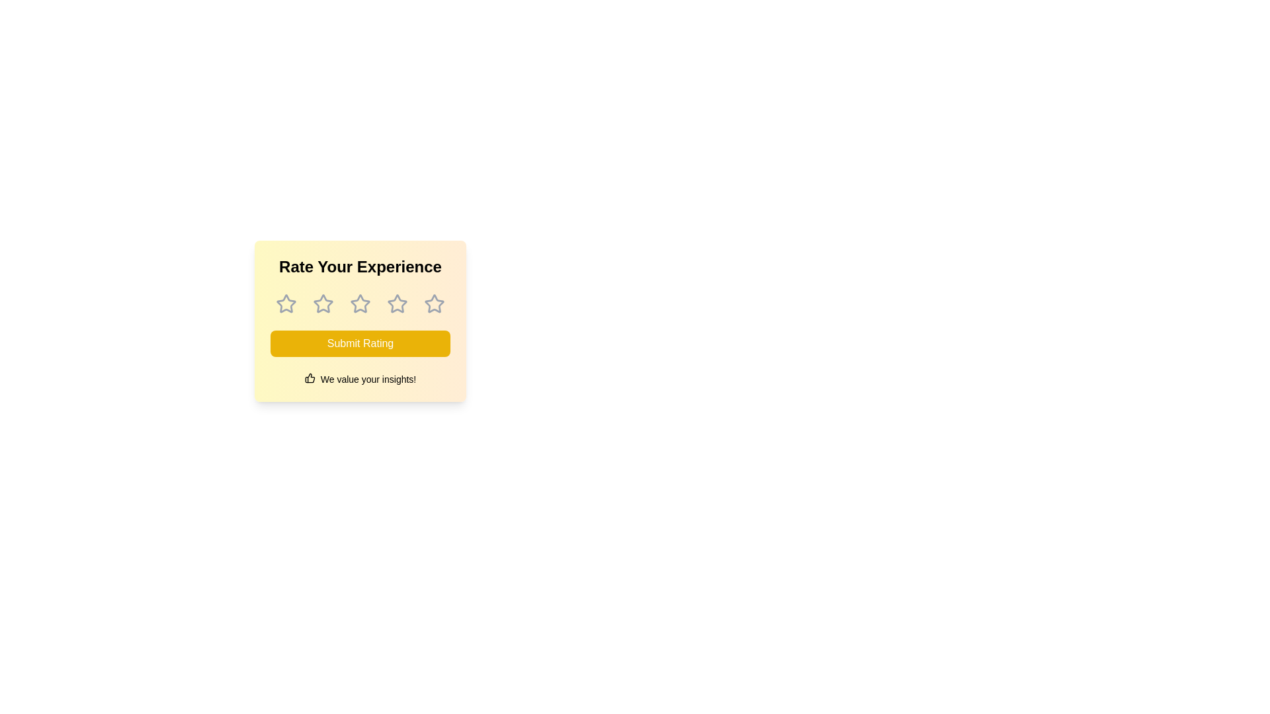 The image size is (1270, 714). Describe the element at coordinates (360, 303) in the screenshot. I see `the third star icon from the left in the rating interface to rate the experience` at that location.